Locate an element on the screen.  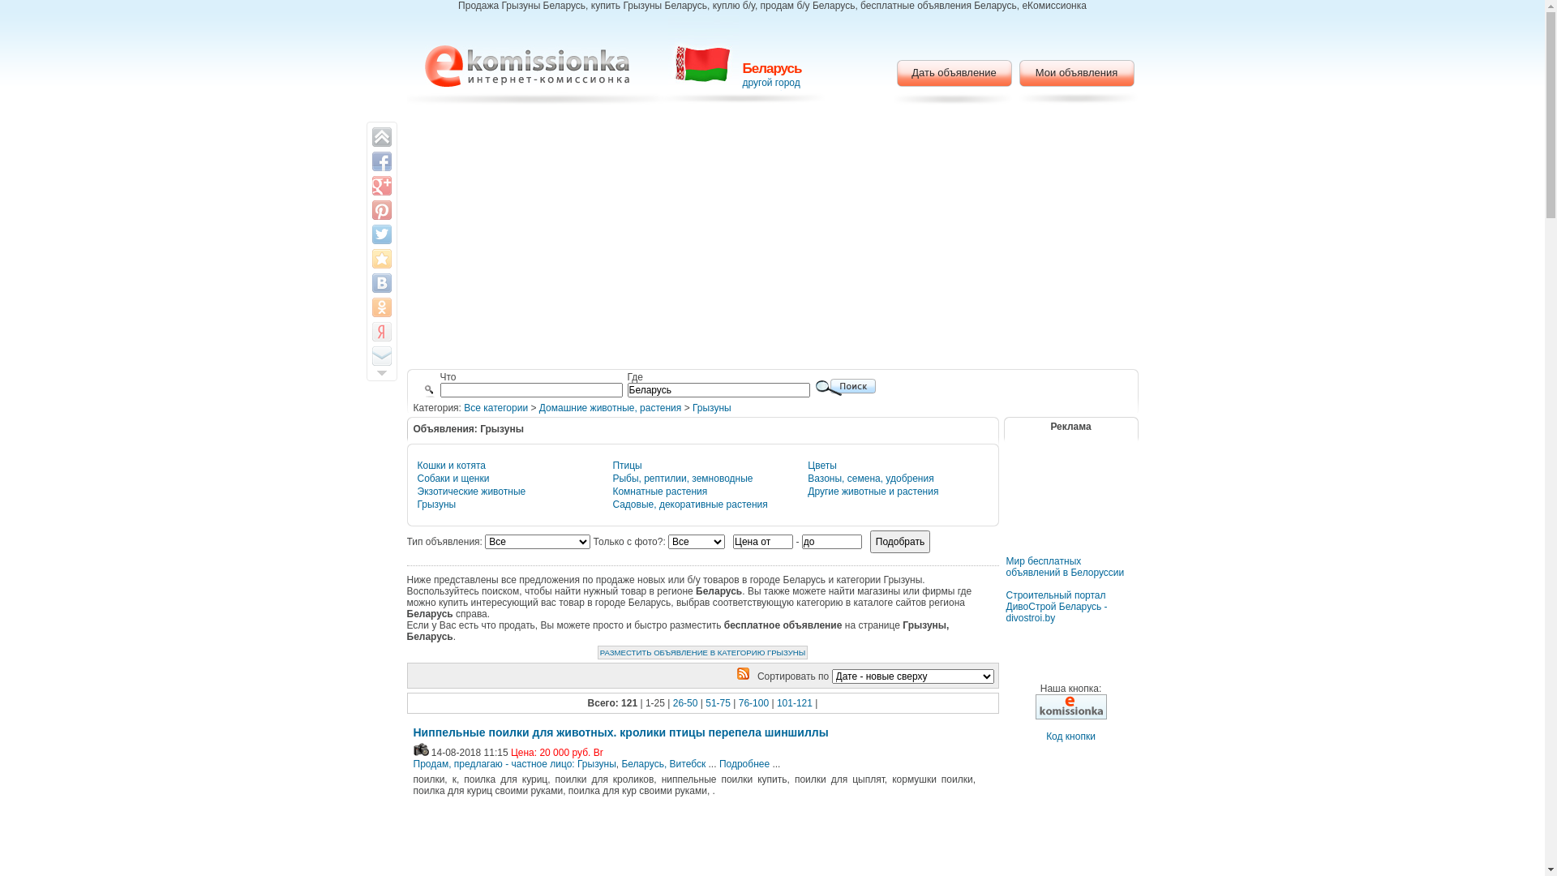
'Back on top' is located at coordinates (380, 136).